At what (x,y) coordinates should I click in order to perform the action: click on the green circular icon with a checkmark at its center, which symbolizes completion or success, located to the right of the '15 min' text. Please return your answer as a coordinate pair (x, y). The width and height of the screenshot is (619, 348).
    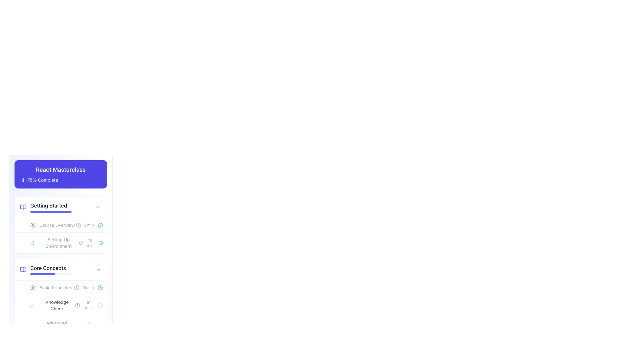
    Looking at the image, I should click on (100, 287).